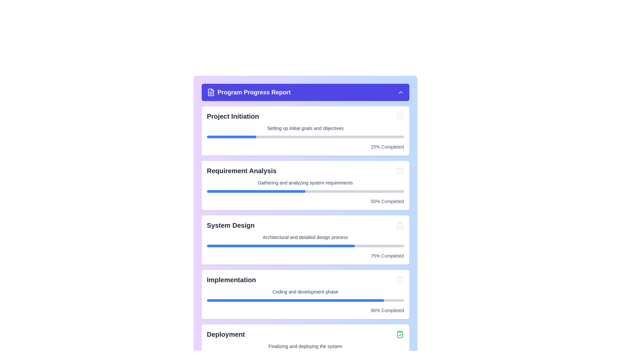 The width and height of the screenshot is (639, 359). Describe the element at coordinates (305, 240) in the screenshot. I see `progress bar on the Info card titled 'System Design', which is the third section in the vertical layout with a white background and a filled progress bar indicating '75% Completed'` at that location.